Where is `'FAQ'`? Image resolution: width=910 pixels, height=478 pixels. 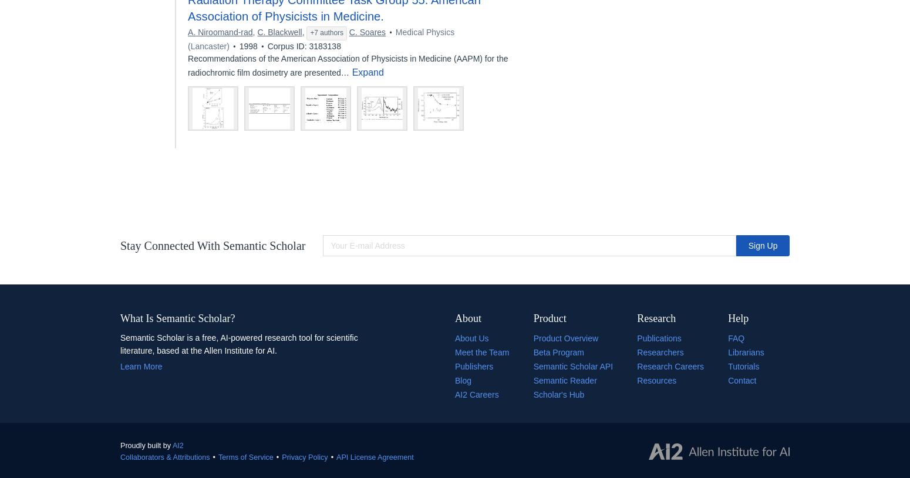
'FAQ' is located at coordinates (735, 337).